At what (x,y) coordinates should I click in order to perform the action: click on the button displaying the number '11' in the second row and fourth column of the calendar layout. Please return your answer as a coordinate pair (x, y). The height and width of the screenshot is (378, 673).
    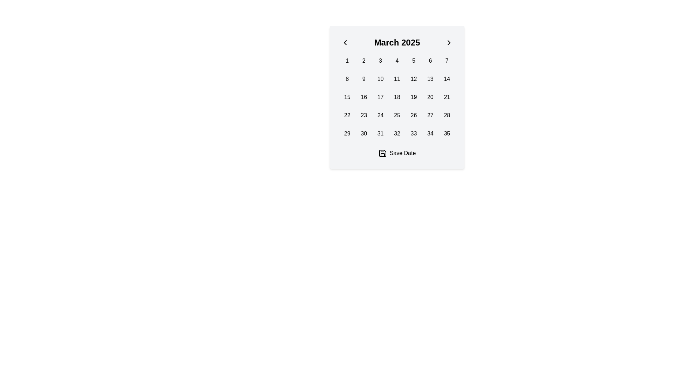
    Looking at the image, I should click on (397, 79).